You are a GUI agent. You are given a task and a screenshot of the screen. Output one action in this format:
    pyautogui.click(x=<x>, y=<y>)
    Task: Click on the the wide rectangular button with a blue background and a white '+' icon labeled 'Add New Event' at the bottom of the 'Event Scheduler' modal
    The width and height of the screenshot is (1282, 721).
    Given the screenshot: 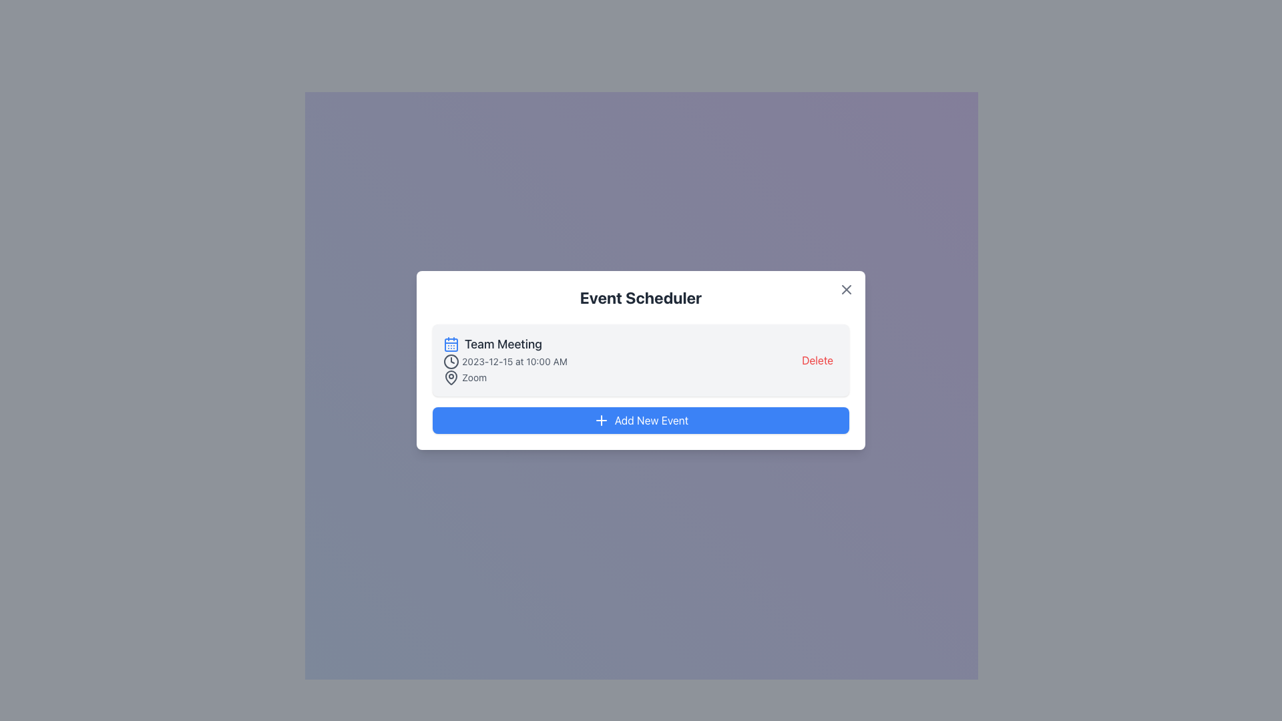 What is the action you would take?
    pyautogui.click(x=641, y=419)
    